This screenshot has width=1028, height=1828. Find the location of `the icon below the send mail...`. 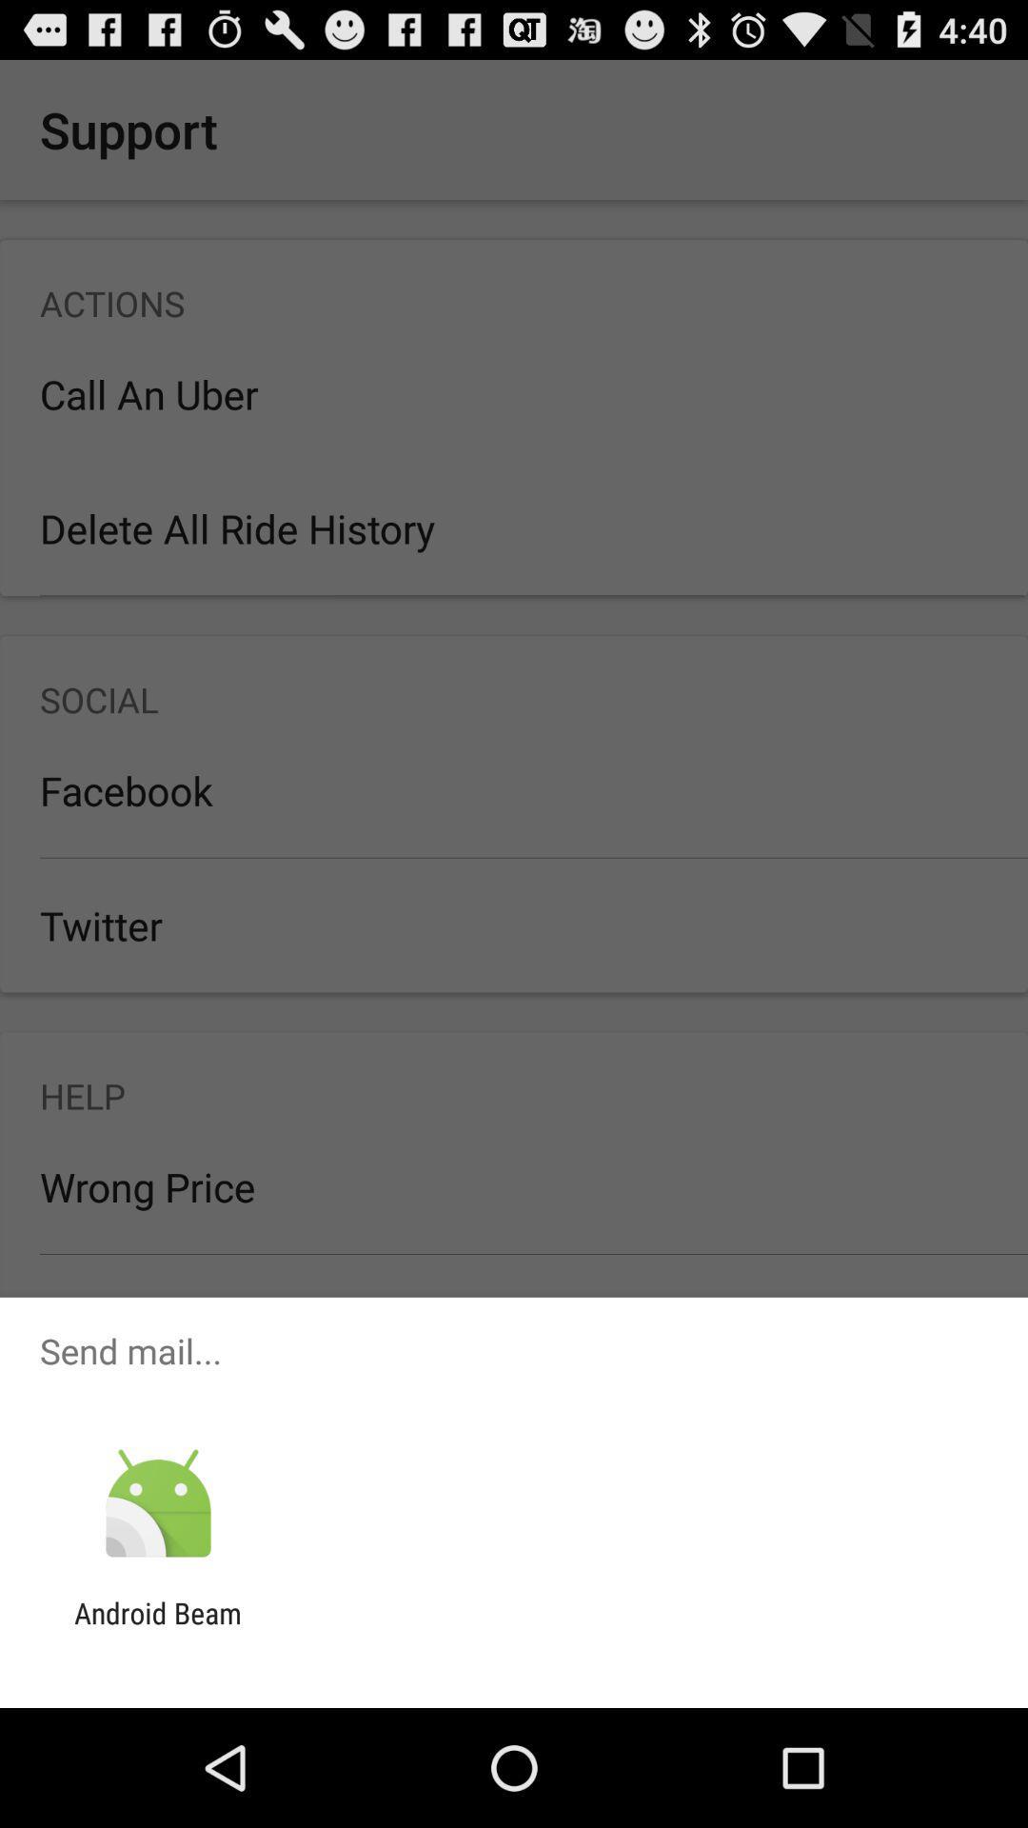

the icon below the send mail... is located at coordinates (157, 1503).